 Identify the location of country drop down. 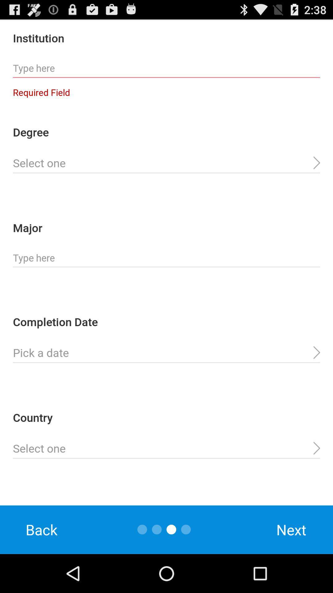
(166, 448).